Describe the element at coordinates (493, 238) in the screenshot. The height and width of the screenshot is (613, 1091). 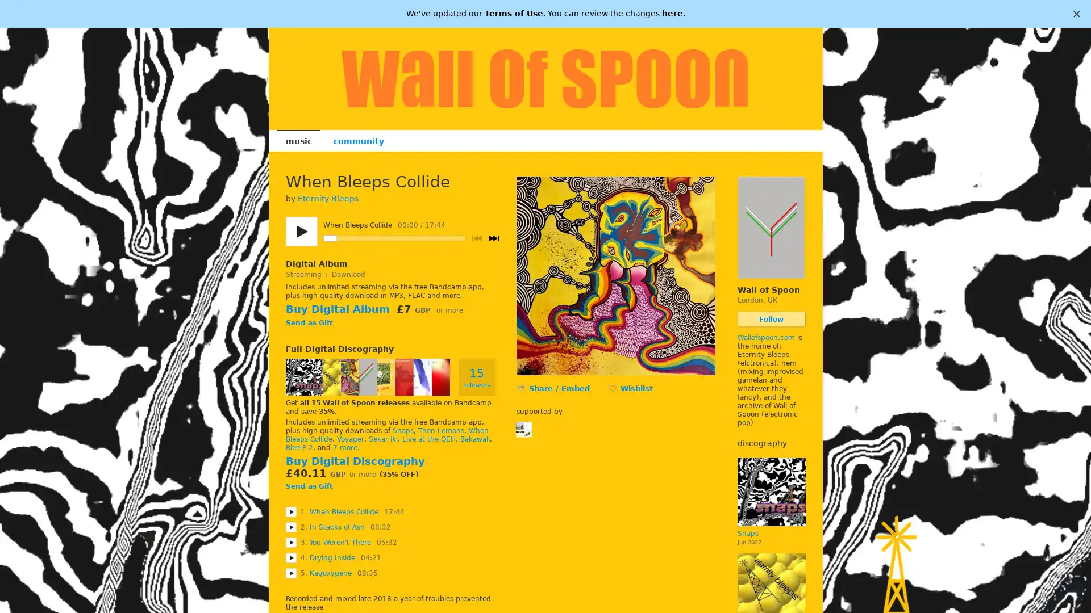
I see `Next track` at that location.